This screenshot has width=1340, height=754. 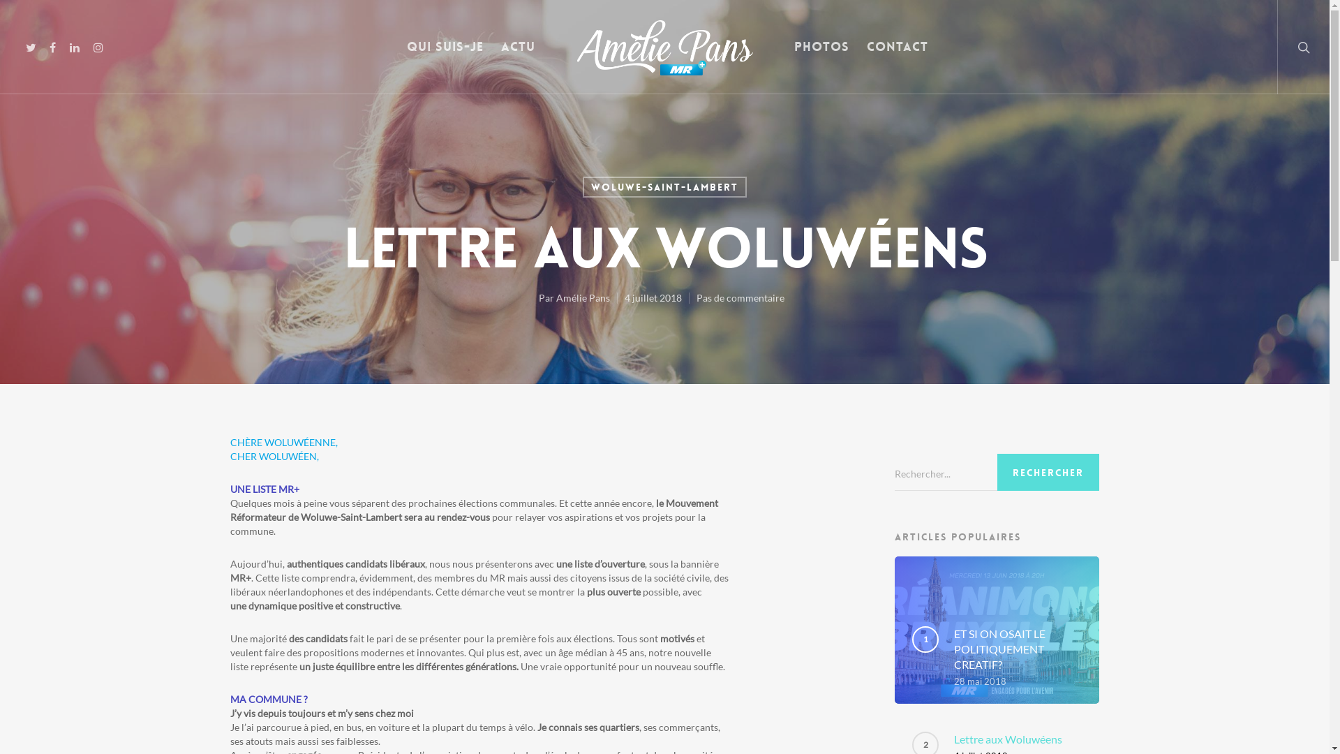 What do you see at coordinates (996, 473) in the screenshot?
I see `'Search for:'` at bounding box center [996, 473].